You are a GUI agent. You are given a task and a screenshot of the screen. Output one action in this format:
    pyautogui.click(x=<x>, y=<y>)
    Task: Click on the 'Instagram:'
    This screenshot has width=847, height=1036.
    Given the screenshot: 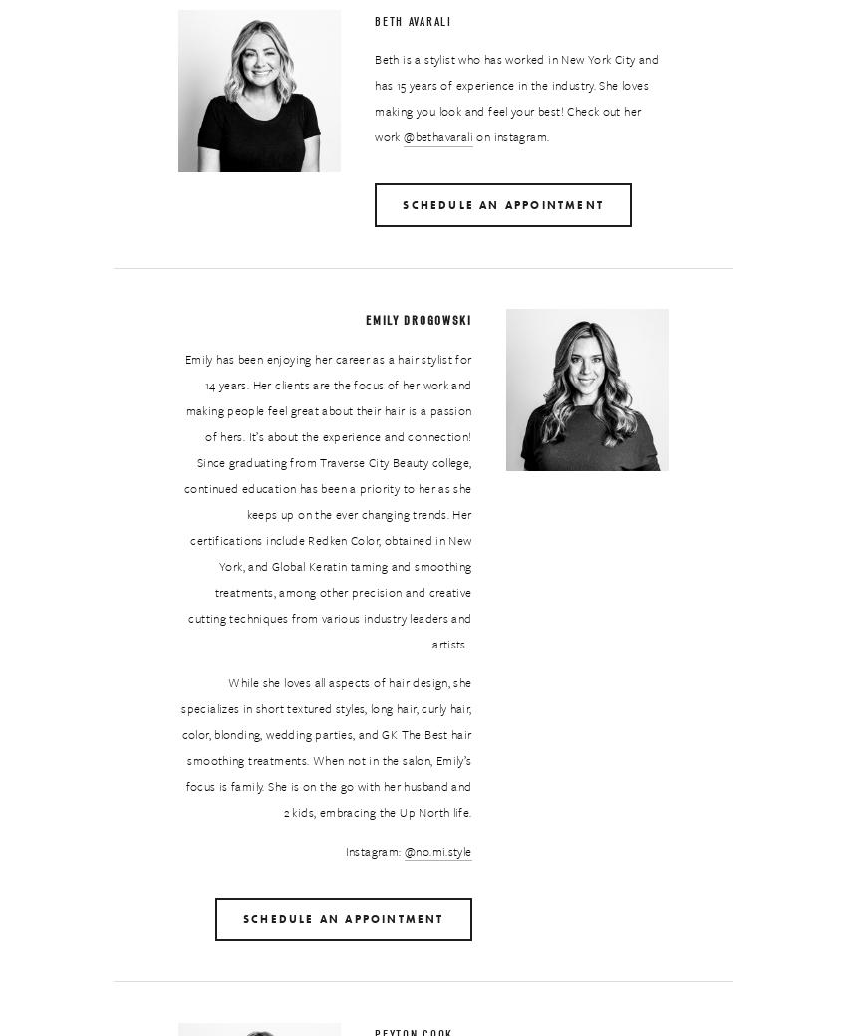 What is the action you would take?
    pyautogui.click(x=373, y=849)
    